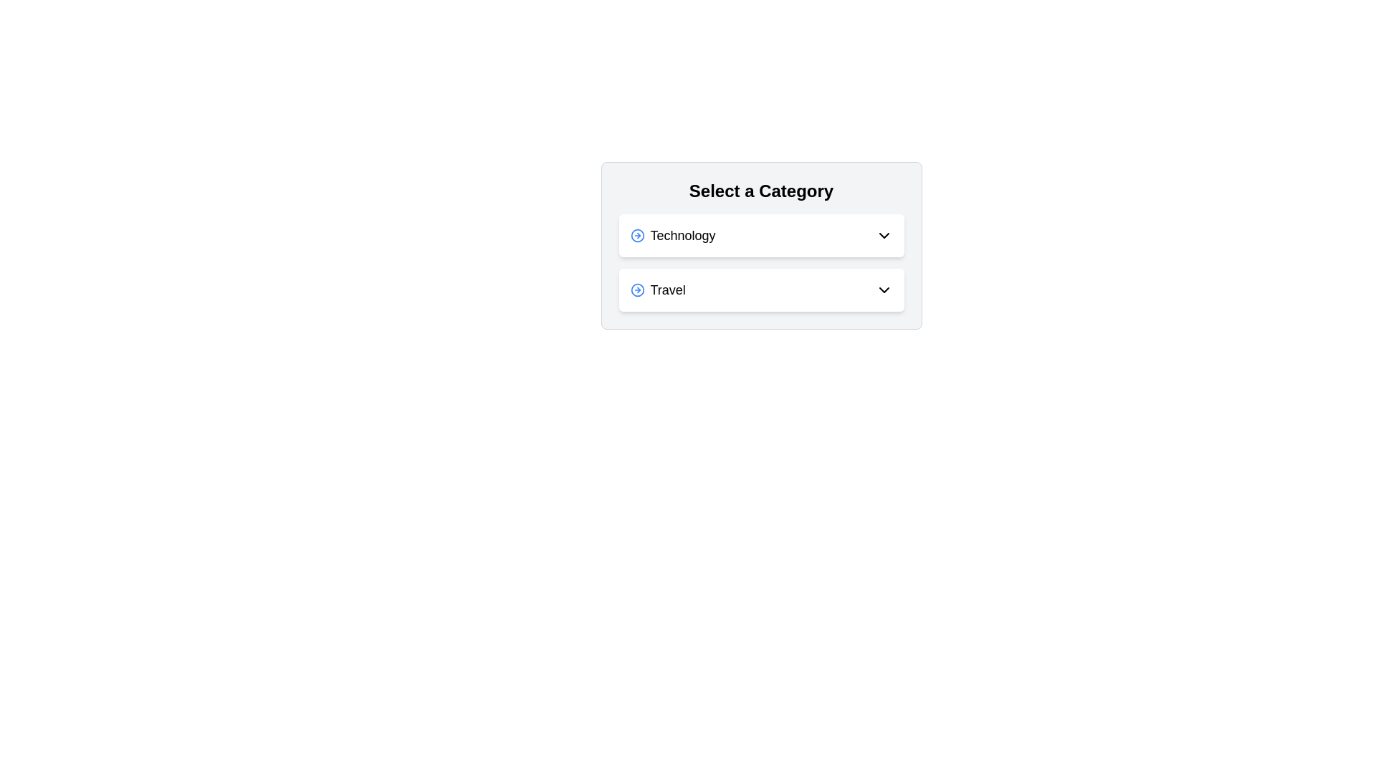 The image size is (1376, 774). Describe the element at coordinates (883, 234) in the screenshot. I see `the Dropdown indicator (chevron icon) next to the 'Technology' label` at that location.